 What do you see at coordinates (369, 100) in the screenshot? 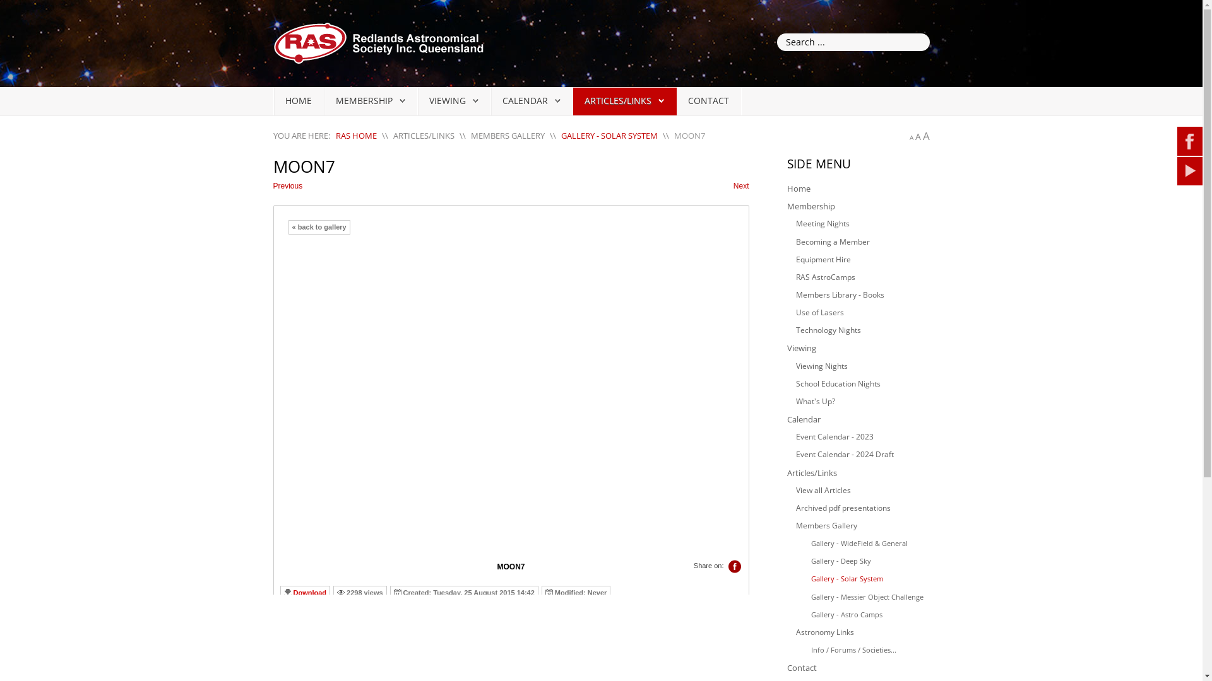
I see `'MEMBERSHIP'` at bounding box center [369, 100].